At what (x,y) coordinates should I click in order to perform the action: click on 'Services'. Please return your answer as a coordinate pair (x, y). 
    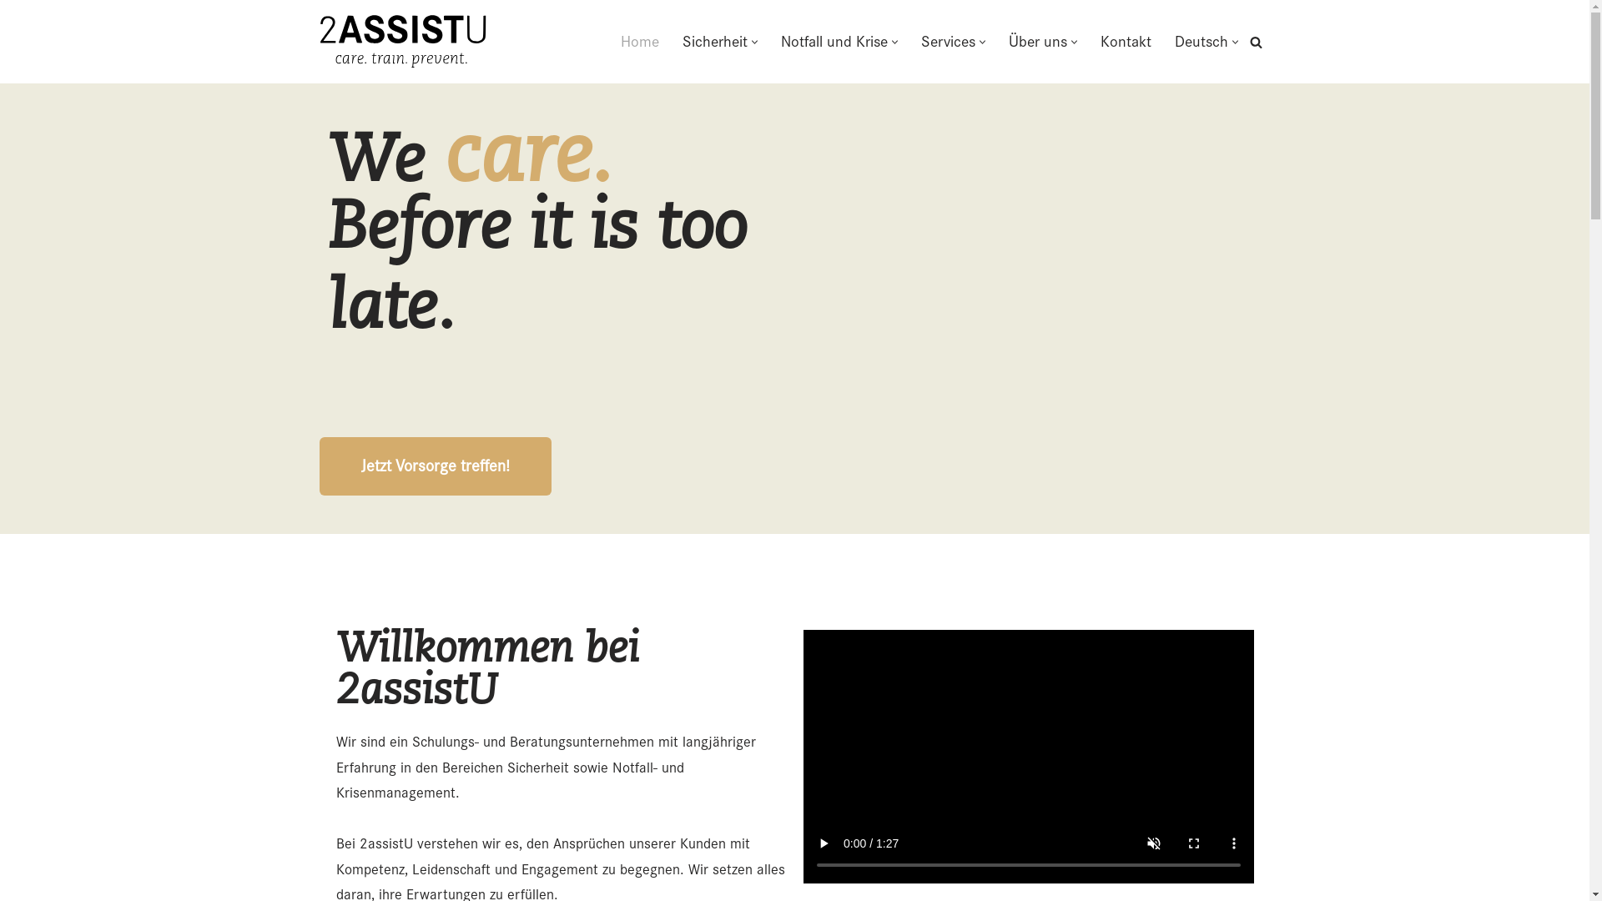
    Looking at the image, I should click on (948, 40).